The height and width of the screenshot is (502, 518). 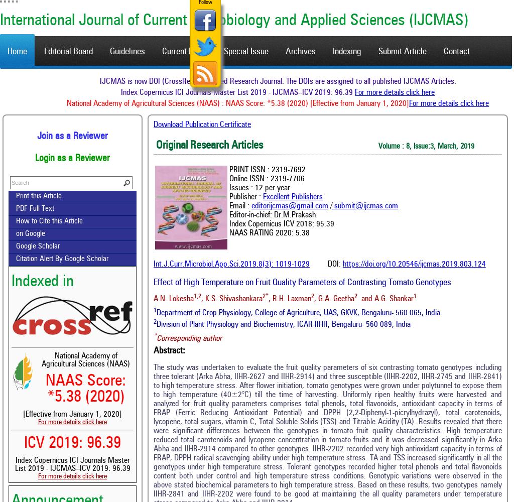 I want to click on 'ICV 2019: 96.39', so click(x=72, y=444).